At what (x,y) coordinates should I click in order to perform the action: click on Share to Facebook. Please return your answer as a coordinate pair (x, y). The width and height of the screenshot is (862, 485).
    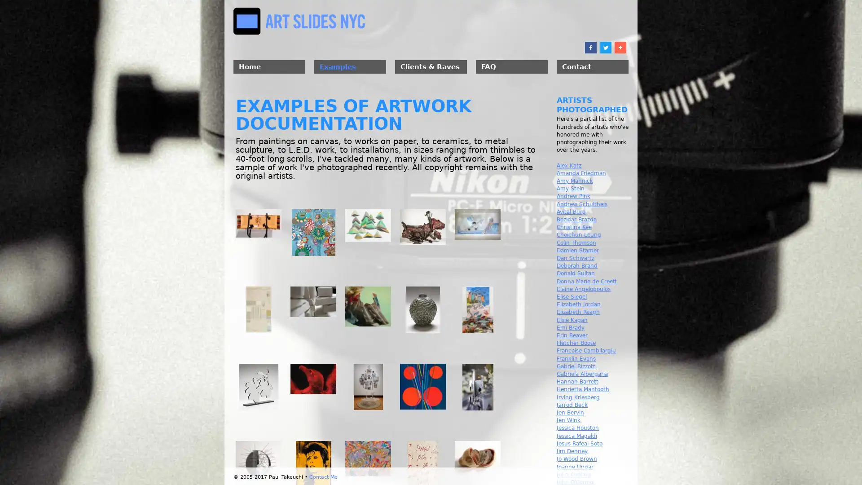
    Looking at the image, I should click on (594, 47).